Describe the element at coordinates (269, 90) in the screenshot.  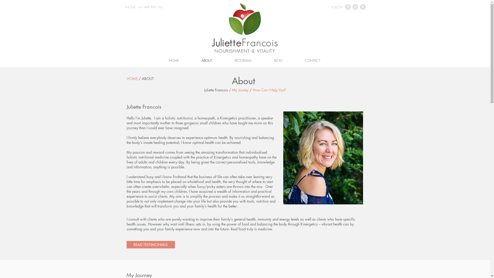
I see `'How Can I Help You?'` at that location.